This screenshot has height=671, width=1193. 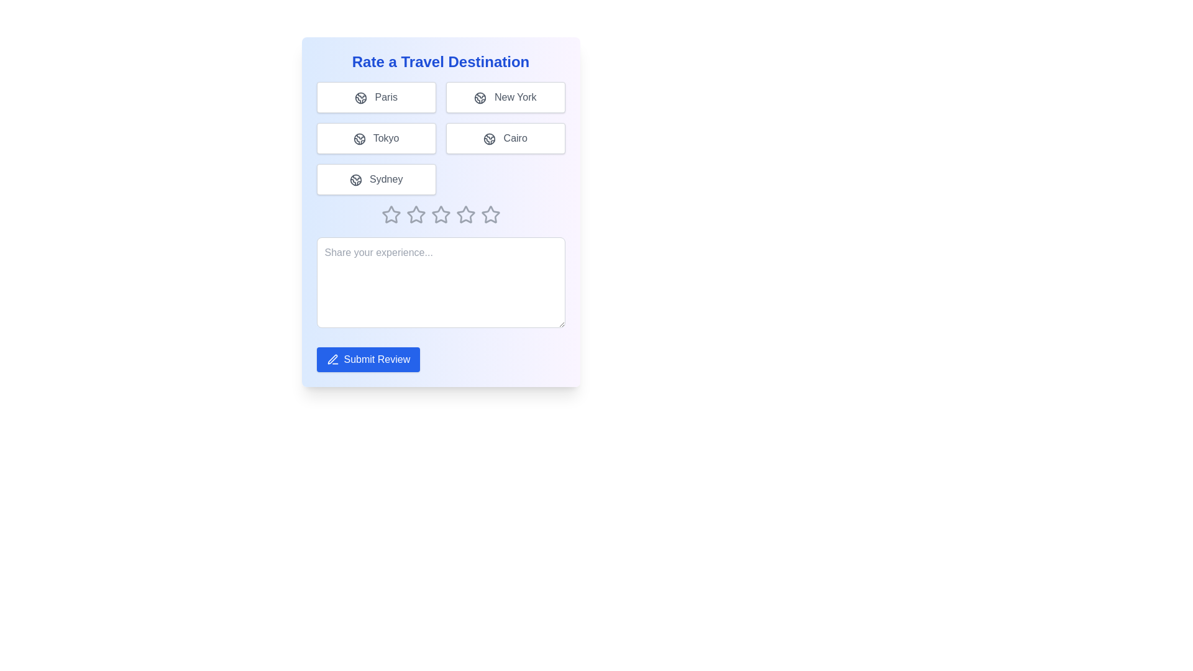 What do you see at coordinates (465, 214) in the screenshot?
I see `the third star icon in a row of five star icons` at bounding box center [465, 214].